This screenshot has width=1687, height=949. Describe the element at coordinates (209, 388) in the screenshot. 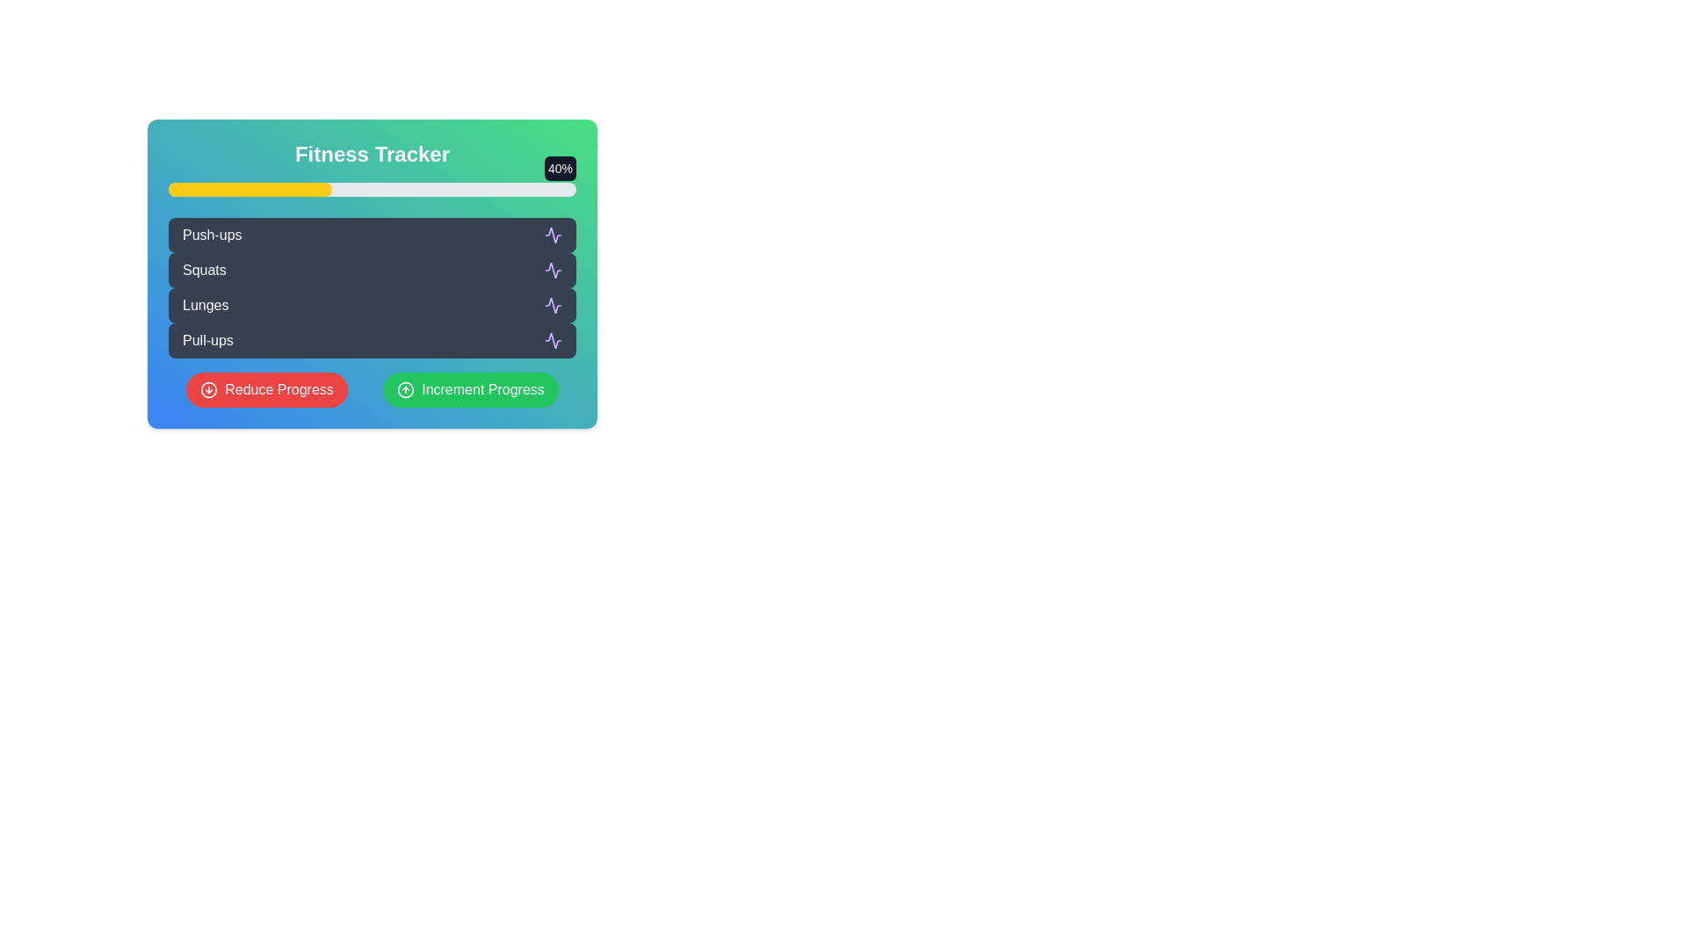

I see `the highlighted circular SVG element with a 10-unit radius, part of an icon, located near the 'Reduce Progress' button` at that location.